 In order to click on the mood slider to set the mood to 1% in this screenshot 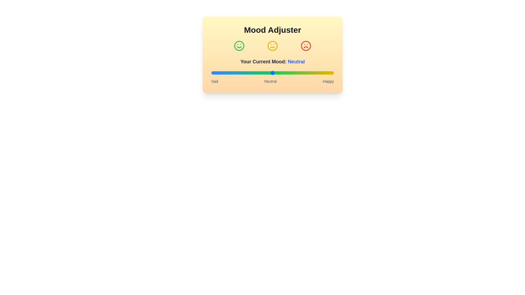, I will do `click(212, 72)`.